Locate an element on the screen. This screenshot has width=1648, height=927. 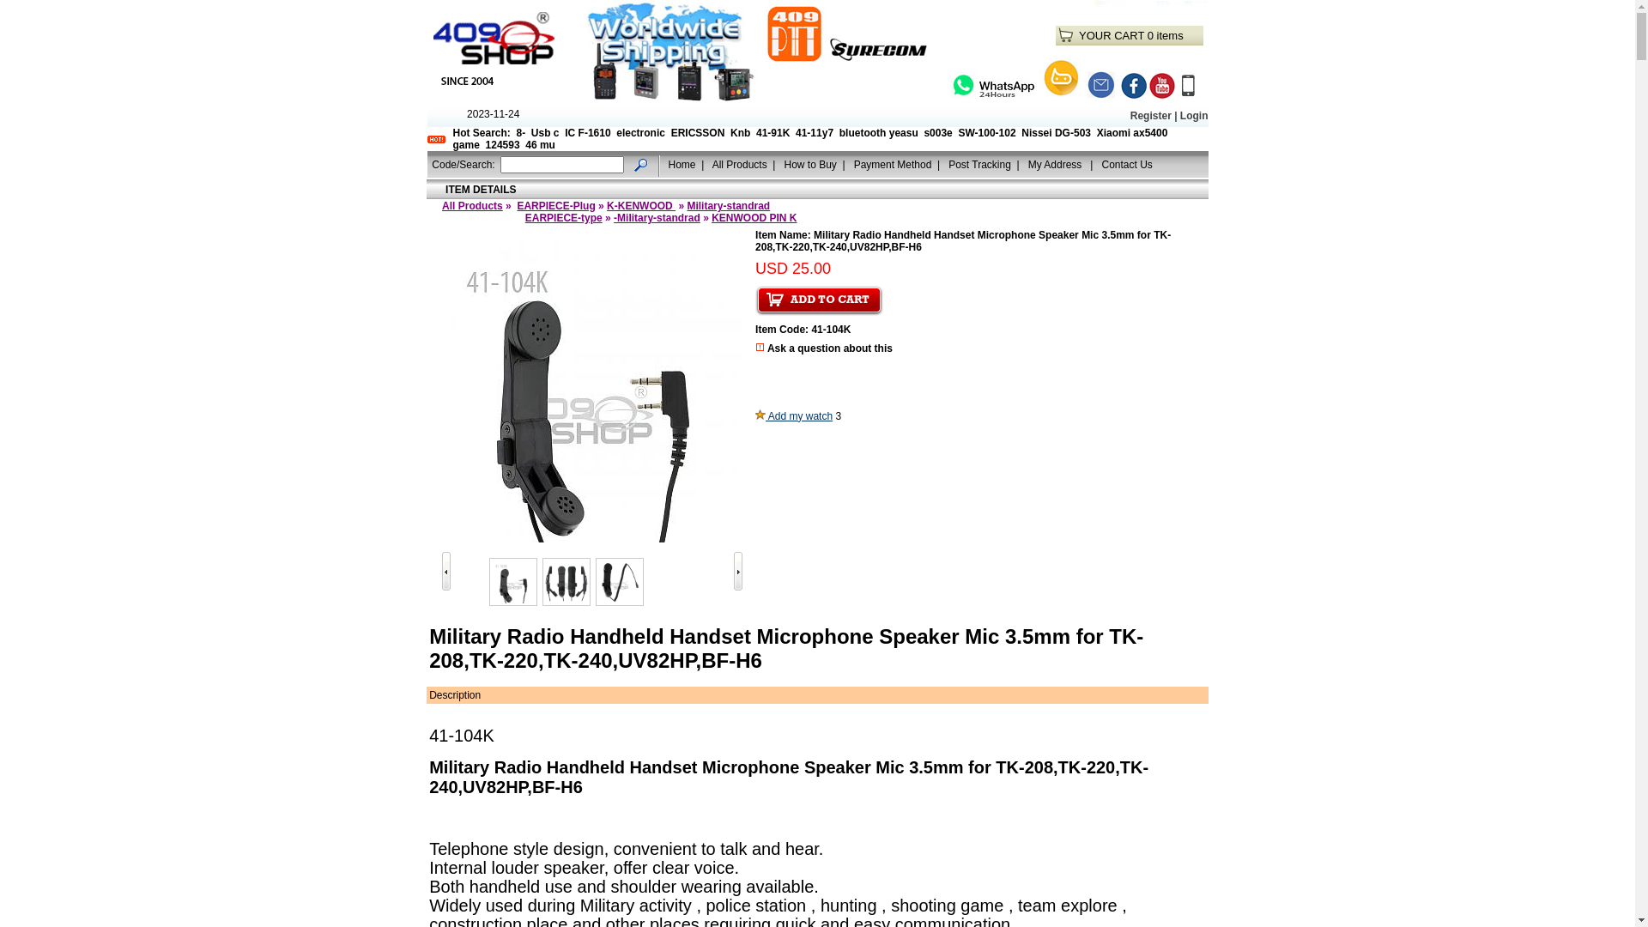
'Register' is located at coordinates (1150, 116).